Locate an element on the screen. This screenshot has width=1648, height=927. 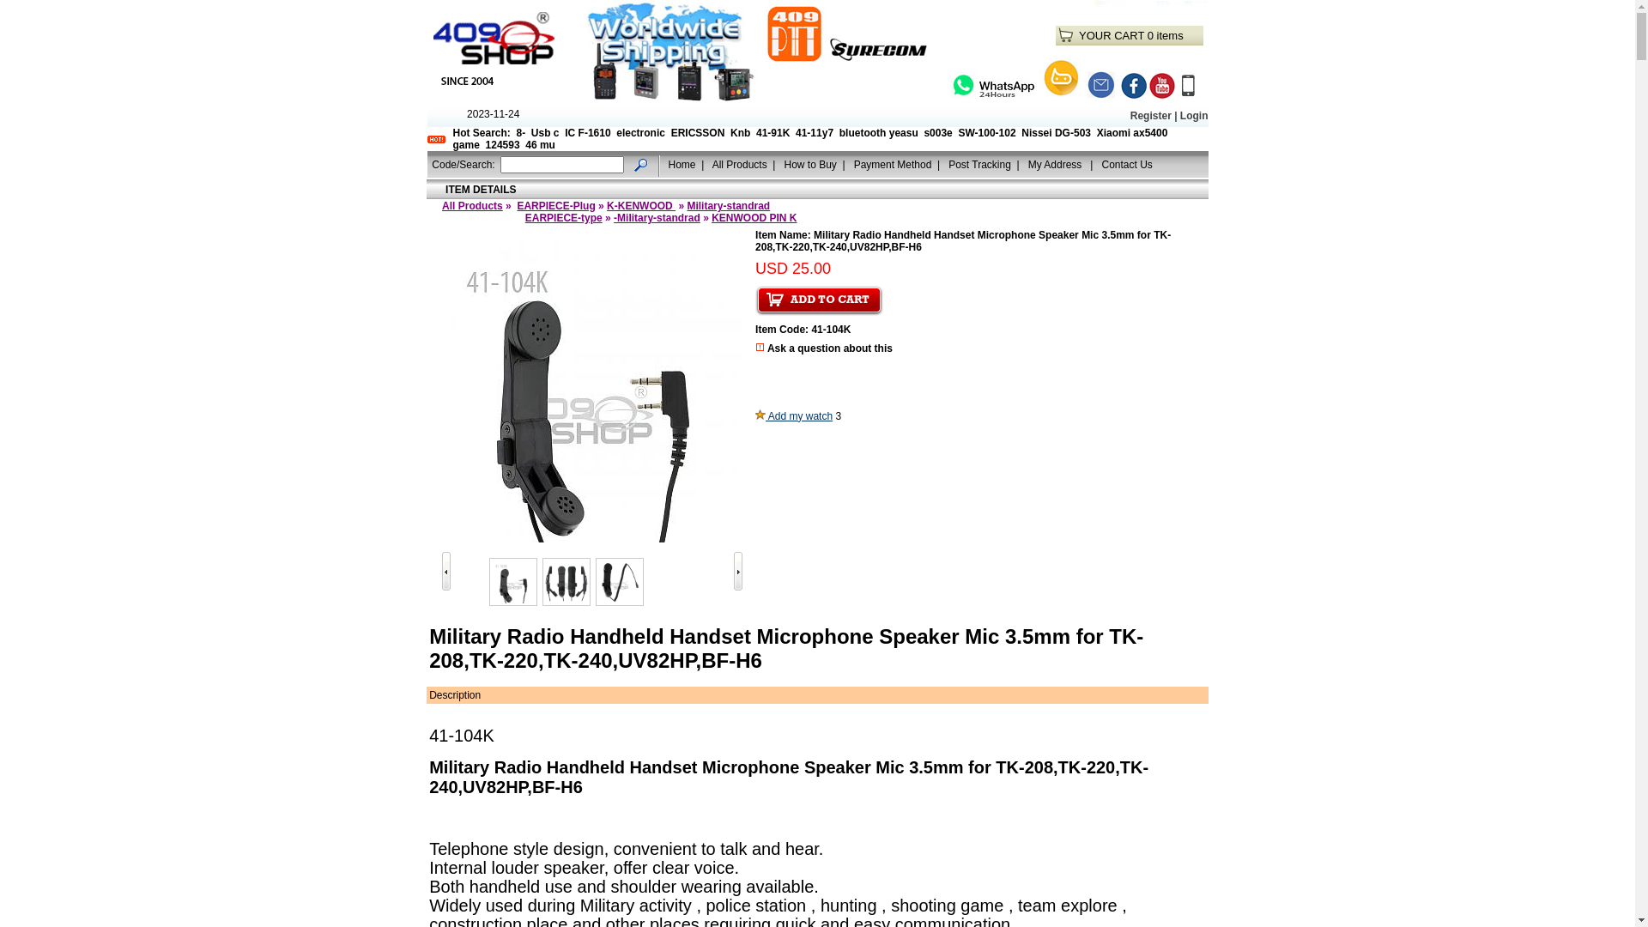
'Register' is located at coordinates (1150, 116).